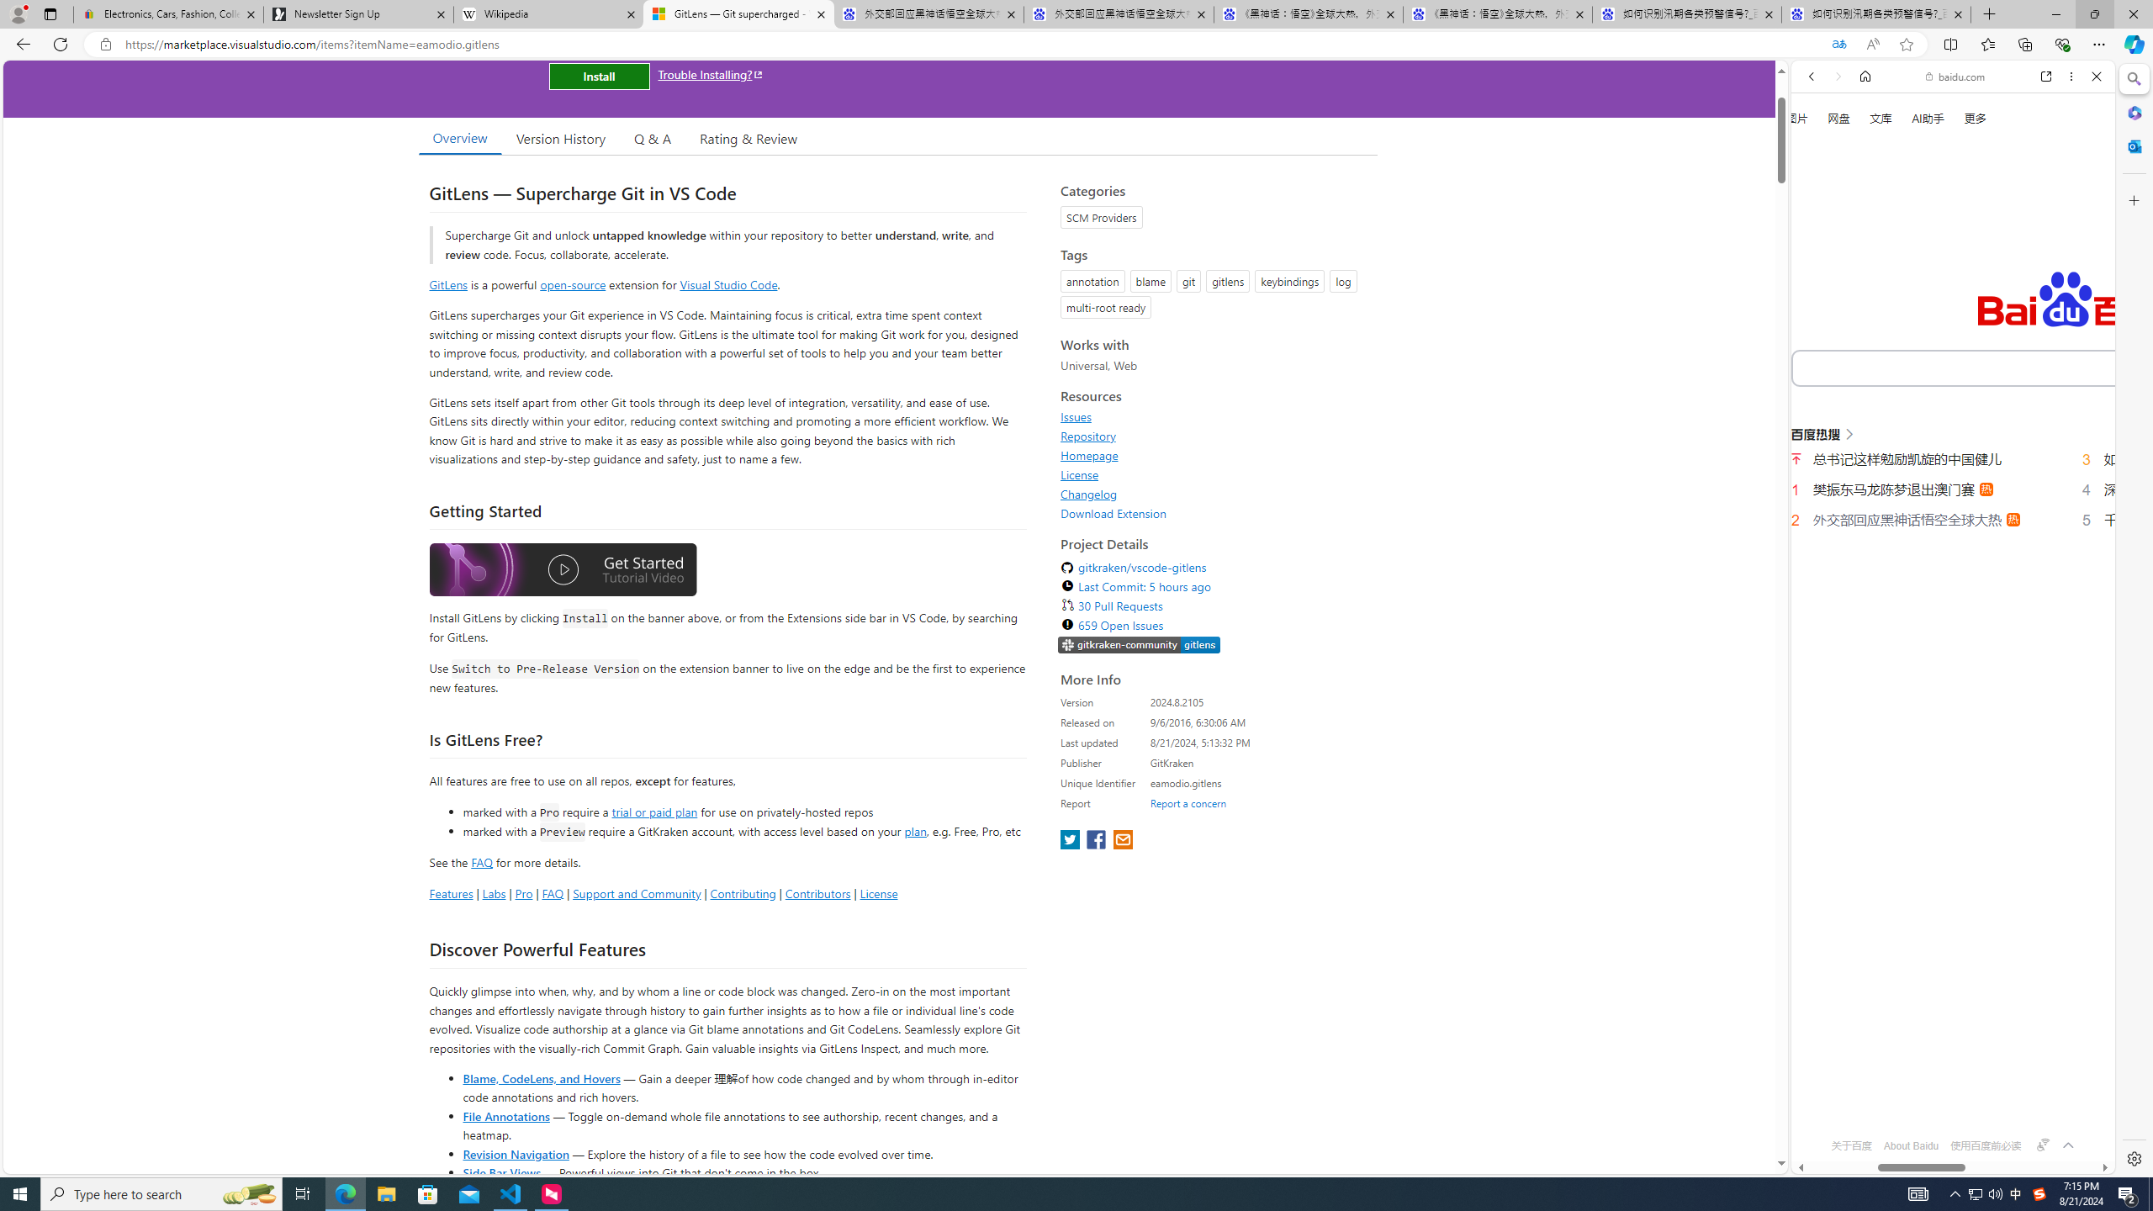 This screenshot has width=2153, height=1211. I want to click on 'Issues', so click(1076, 416).